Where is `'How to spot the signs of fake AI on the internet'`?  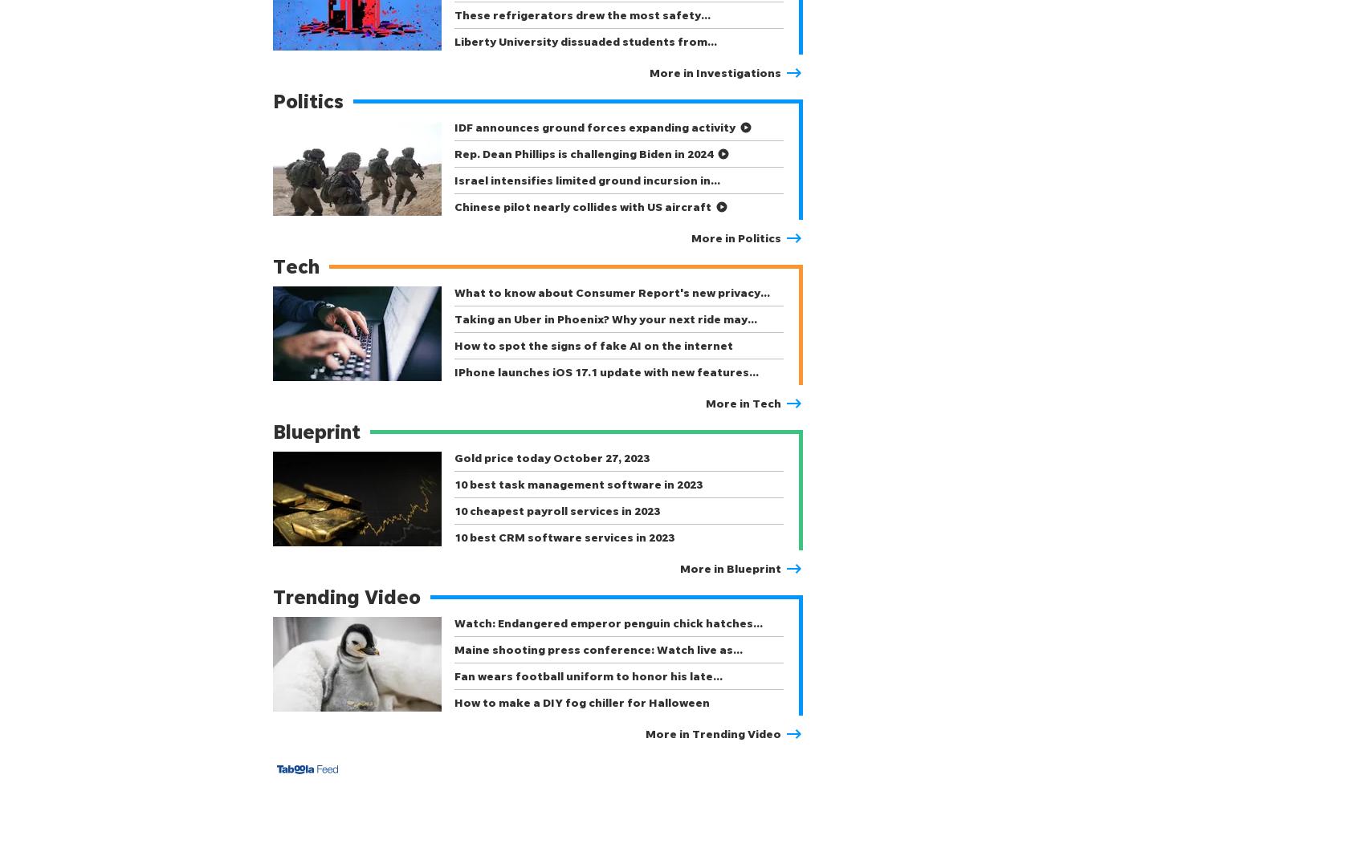 'How to spot the signs of fake AI on the internet' is located at coordinates (453, 344).